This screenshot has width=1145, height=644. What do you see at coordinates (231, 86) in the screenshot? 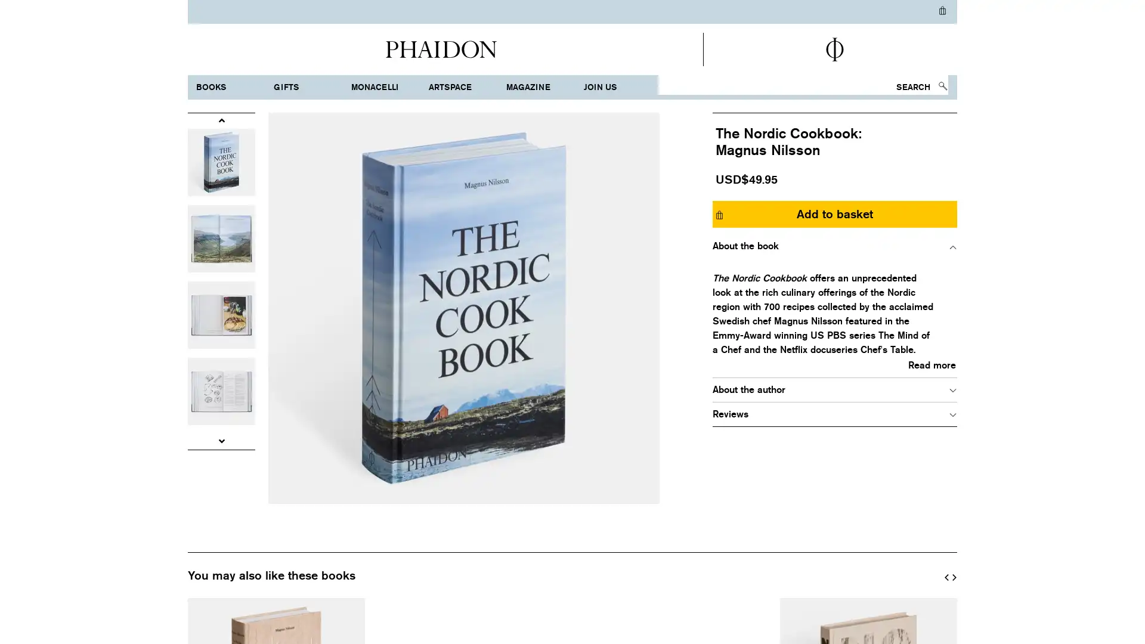
I see `BOOKS` at bounding box center [231, 86].